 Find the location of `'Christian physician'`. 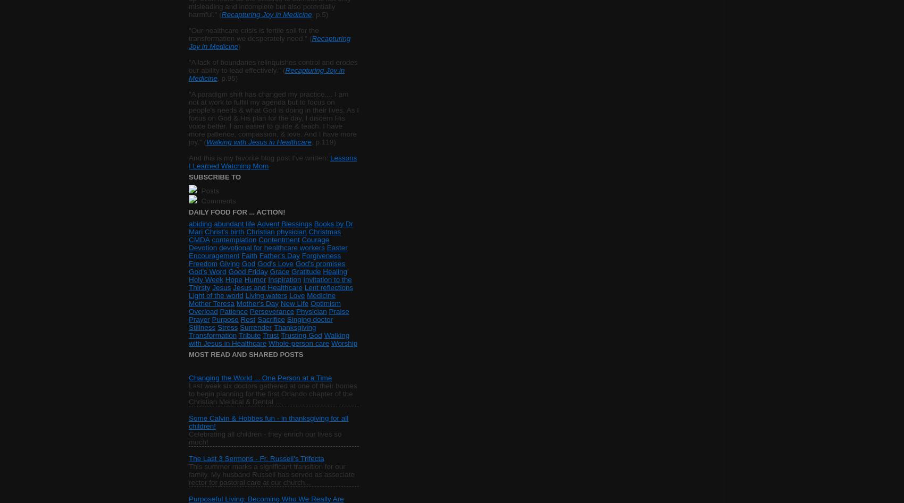

'Christian physician' is located at coordinates (246, 231).